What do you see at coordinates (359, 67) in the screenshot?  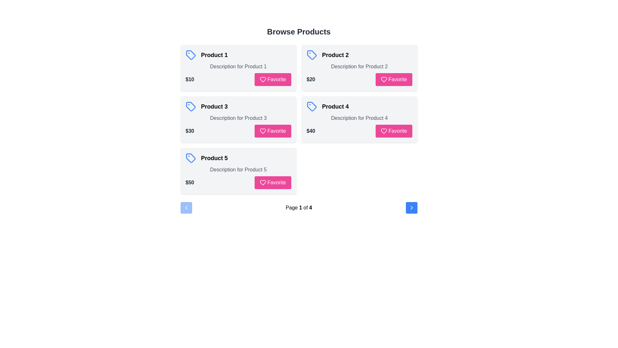 I see `the text label that provides a brief description of 'Product 2', situated below the product name and above the price and action button in the product card` at bounding box center [359, 67].